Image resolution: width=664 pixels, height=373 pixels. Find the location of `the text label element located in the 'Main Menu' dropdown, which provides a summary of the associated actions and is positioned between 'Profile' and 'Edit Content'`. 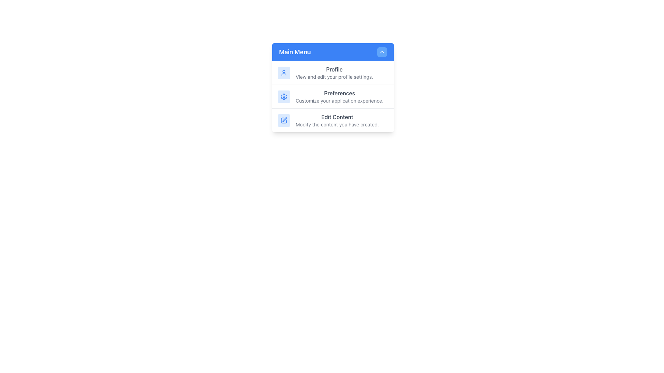

the text label element located in the 'Main Menu' dropdown, which provides a summary of the associated actions and is positioned between 'Profile' and 'Edit Content' is located at coordinates (339, 93).